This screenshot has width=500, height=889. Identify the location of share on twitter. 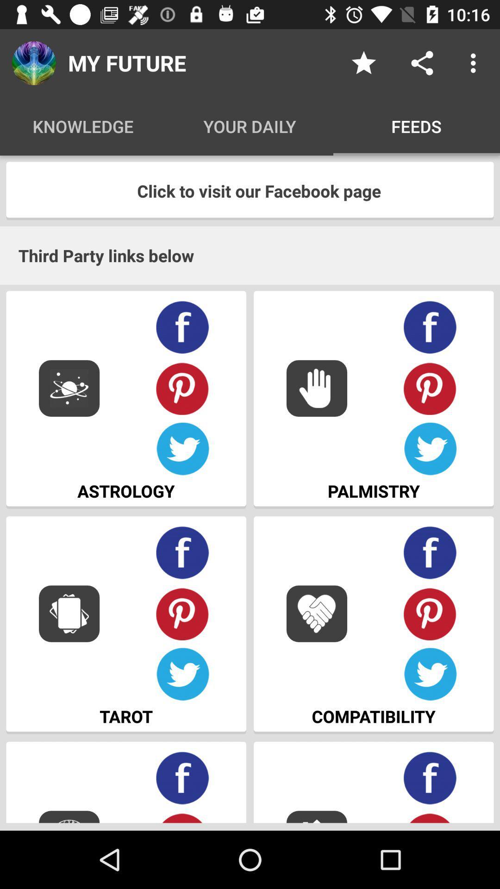
(182, 674).